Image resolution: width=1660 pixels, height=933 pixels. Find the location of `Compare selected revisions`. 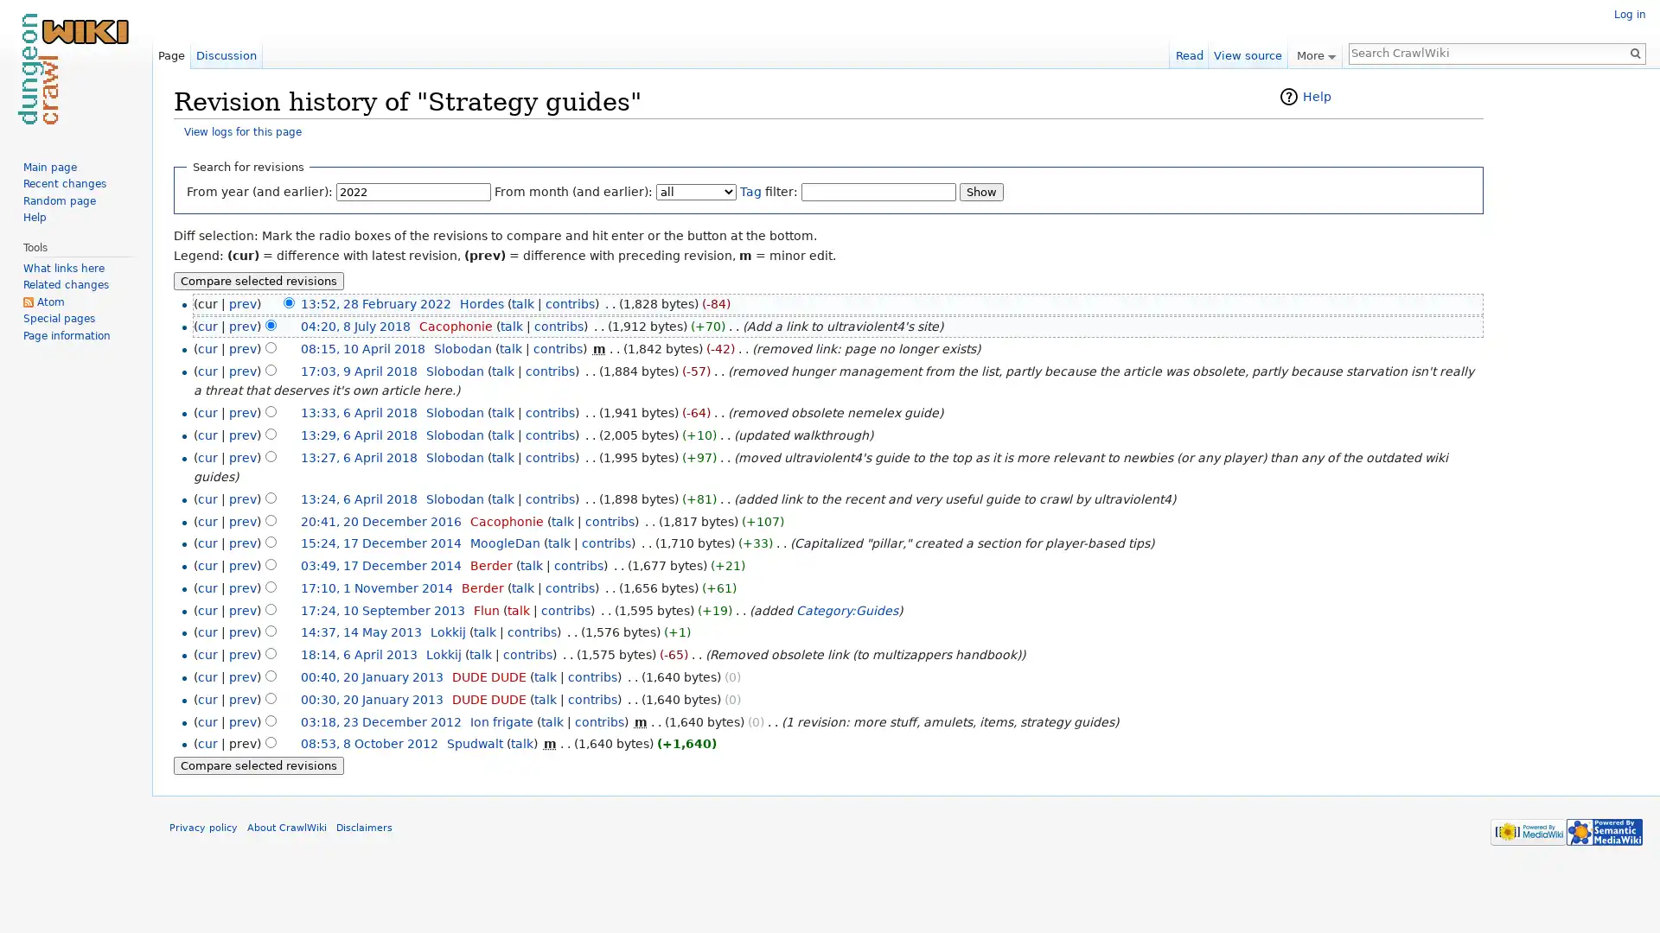

Compare selected revisions is located at coordinates (258, 765).